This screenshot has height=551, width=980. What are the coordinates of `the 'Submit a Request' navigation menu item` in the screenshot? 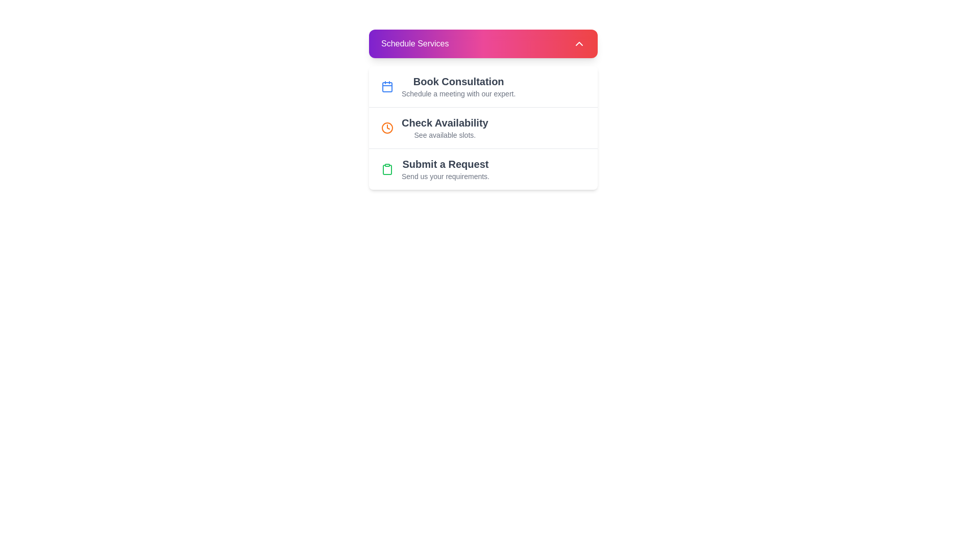 It's located at (482, 168).